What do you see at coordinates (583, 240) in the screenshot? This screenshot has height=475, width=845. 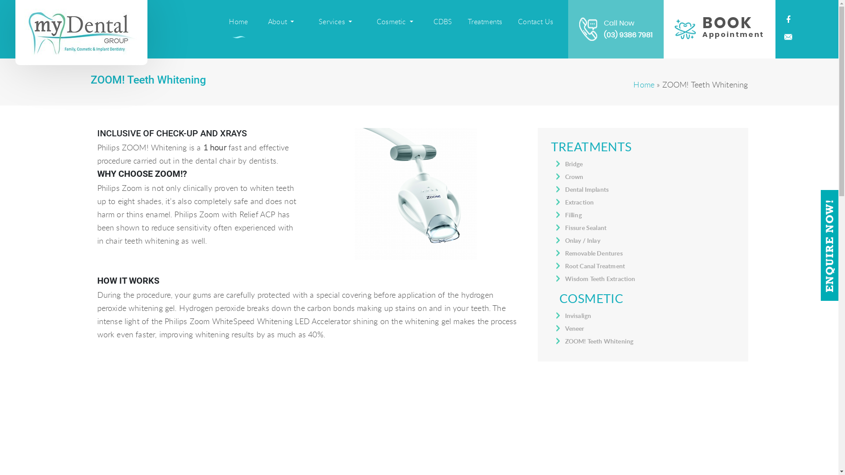 I see `'Onlay / Inlay'` at bounding box center [583, 240].